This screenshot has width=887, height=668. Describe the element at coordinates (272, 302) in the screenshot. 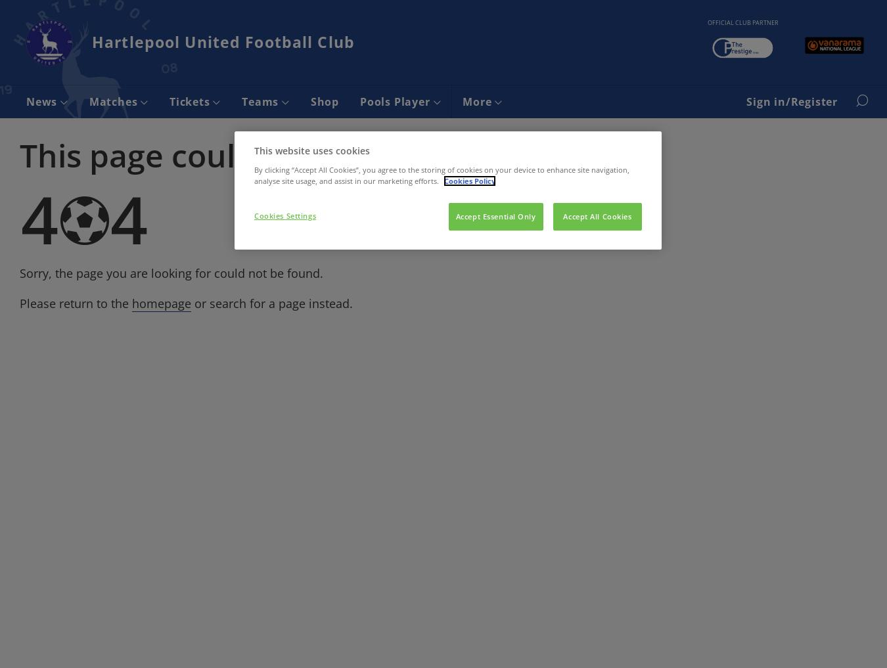

I see `'or search for a page instead.'` at that location.